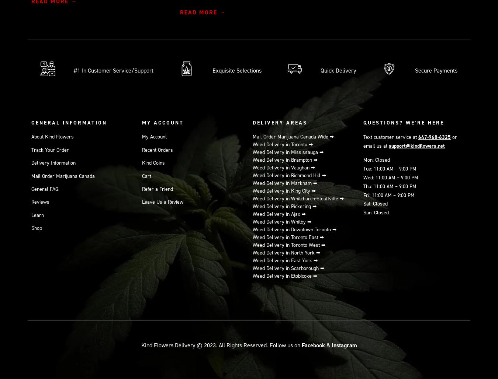 The height and width of the screenshot is (379, 498). I want to click on 'Thu: 11:00 AM – 9:00 PM', so click(390, 186).